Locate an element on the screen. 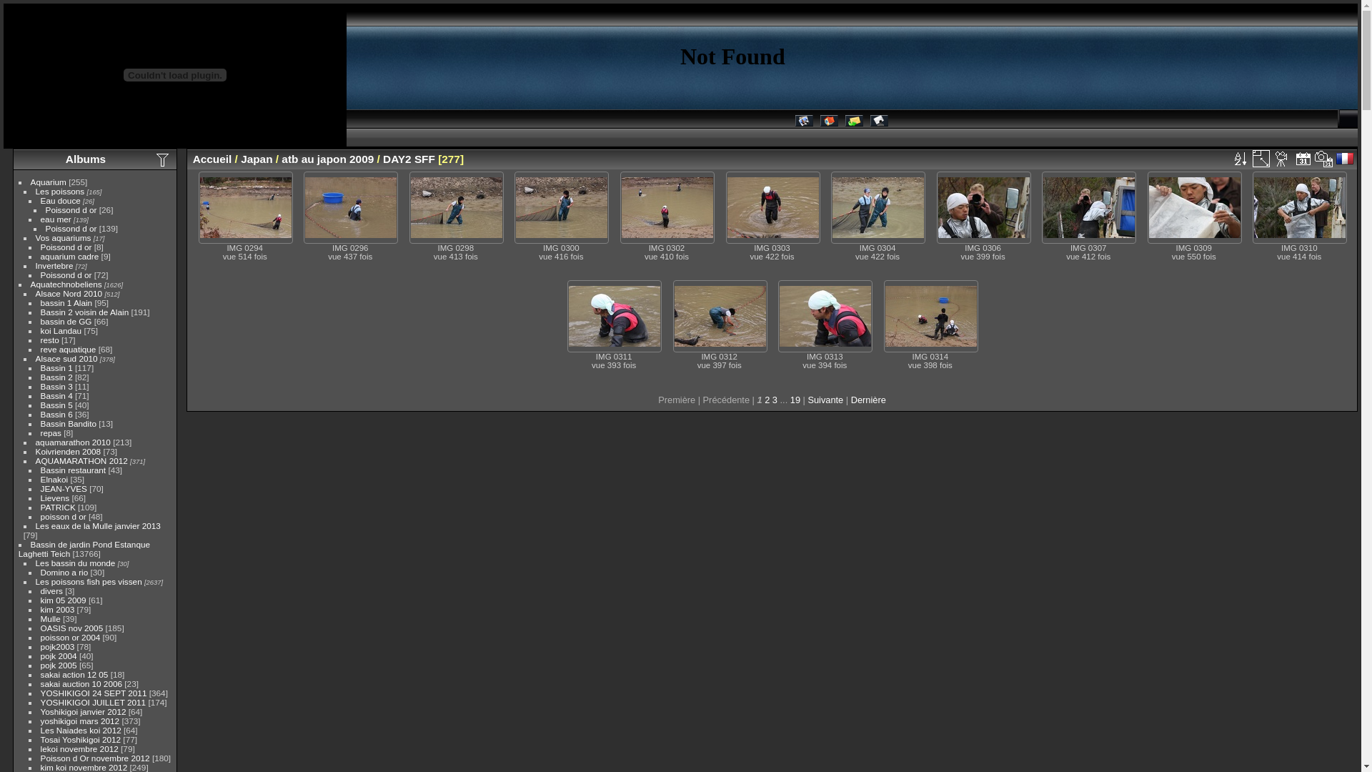 This screenshot has width=1372, height=772. 'Les bassin du monde' is located at coordinates (74, 562).